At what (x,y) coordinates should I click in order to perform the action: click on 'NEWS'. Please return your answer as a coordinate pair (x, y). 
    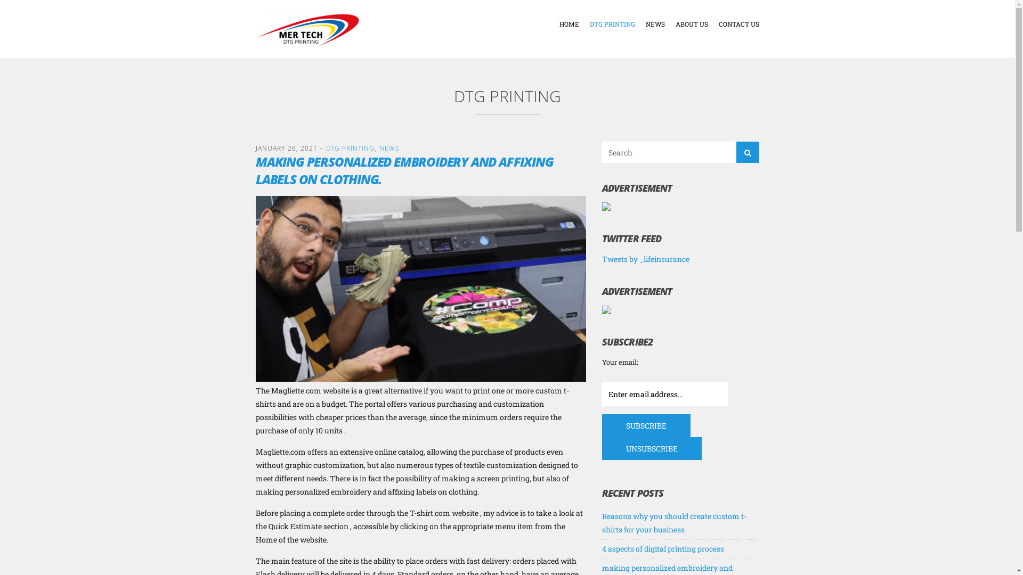
    Looking at the image, I should click on (645, 24).